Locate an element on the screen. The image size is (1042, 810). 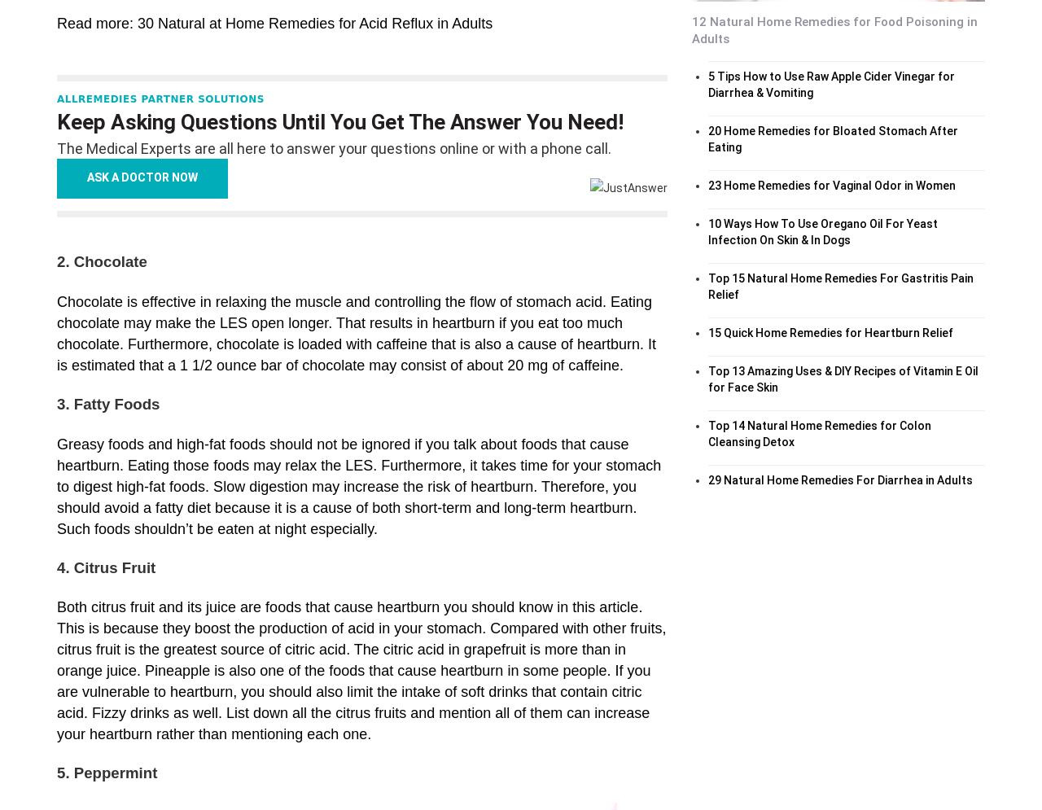
'23 Home Remedies for Vaginal Odor in Women' is located at coordinates (831, 183).